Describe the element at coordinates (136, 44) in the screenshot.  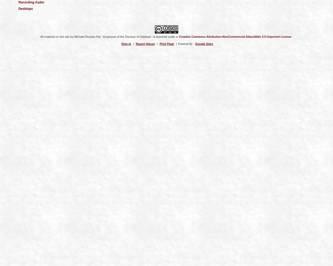
I see `'Report Abuse'` at that location.